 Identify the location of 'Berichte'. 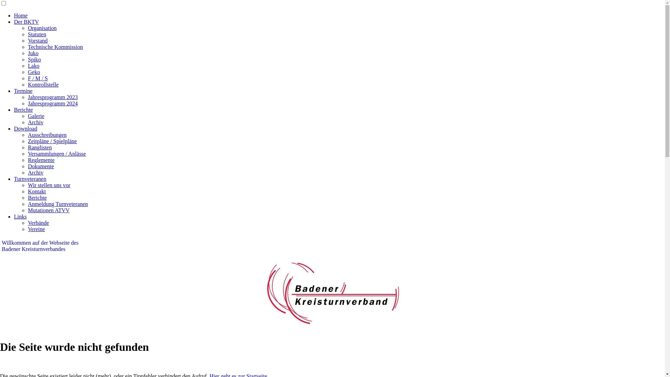
(23, 110).